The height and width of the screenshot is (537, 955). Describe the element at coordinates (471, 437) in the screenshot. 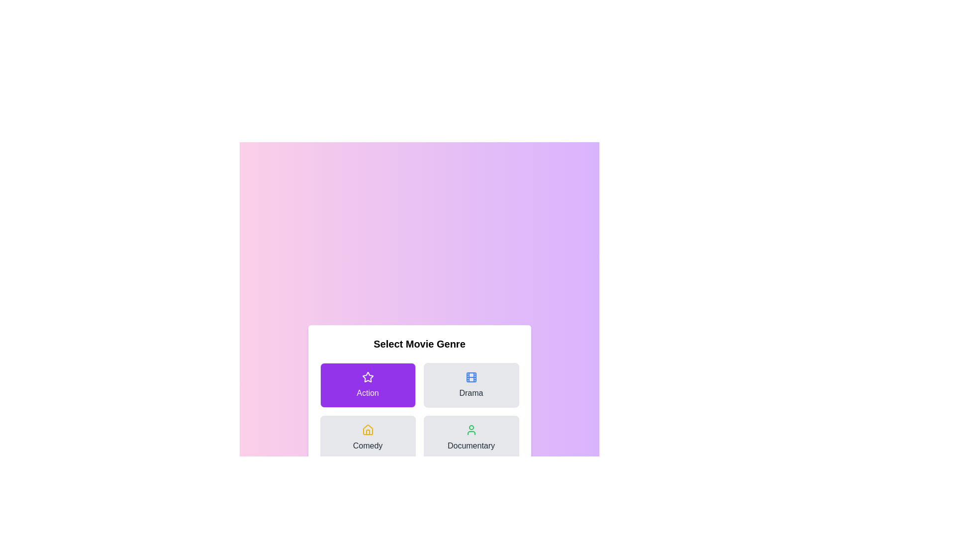

I see `the genre button for Documentary` at that location.